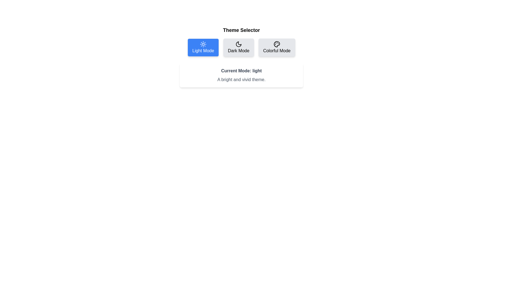 The image size is (528, 297). I want to click on the Colorful Mode icon in the Theme Selector panel, which is located on the rightmost side and grouped with other theme icons, so click(277, 44).